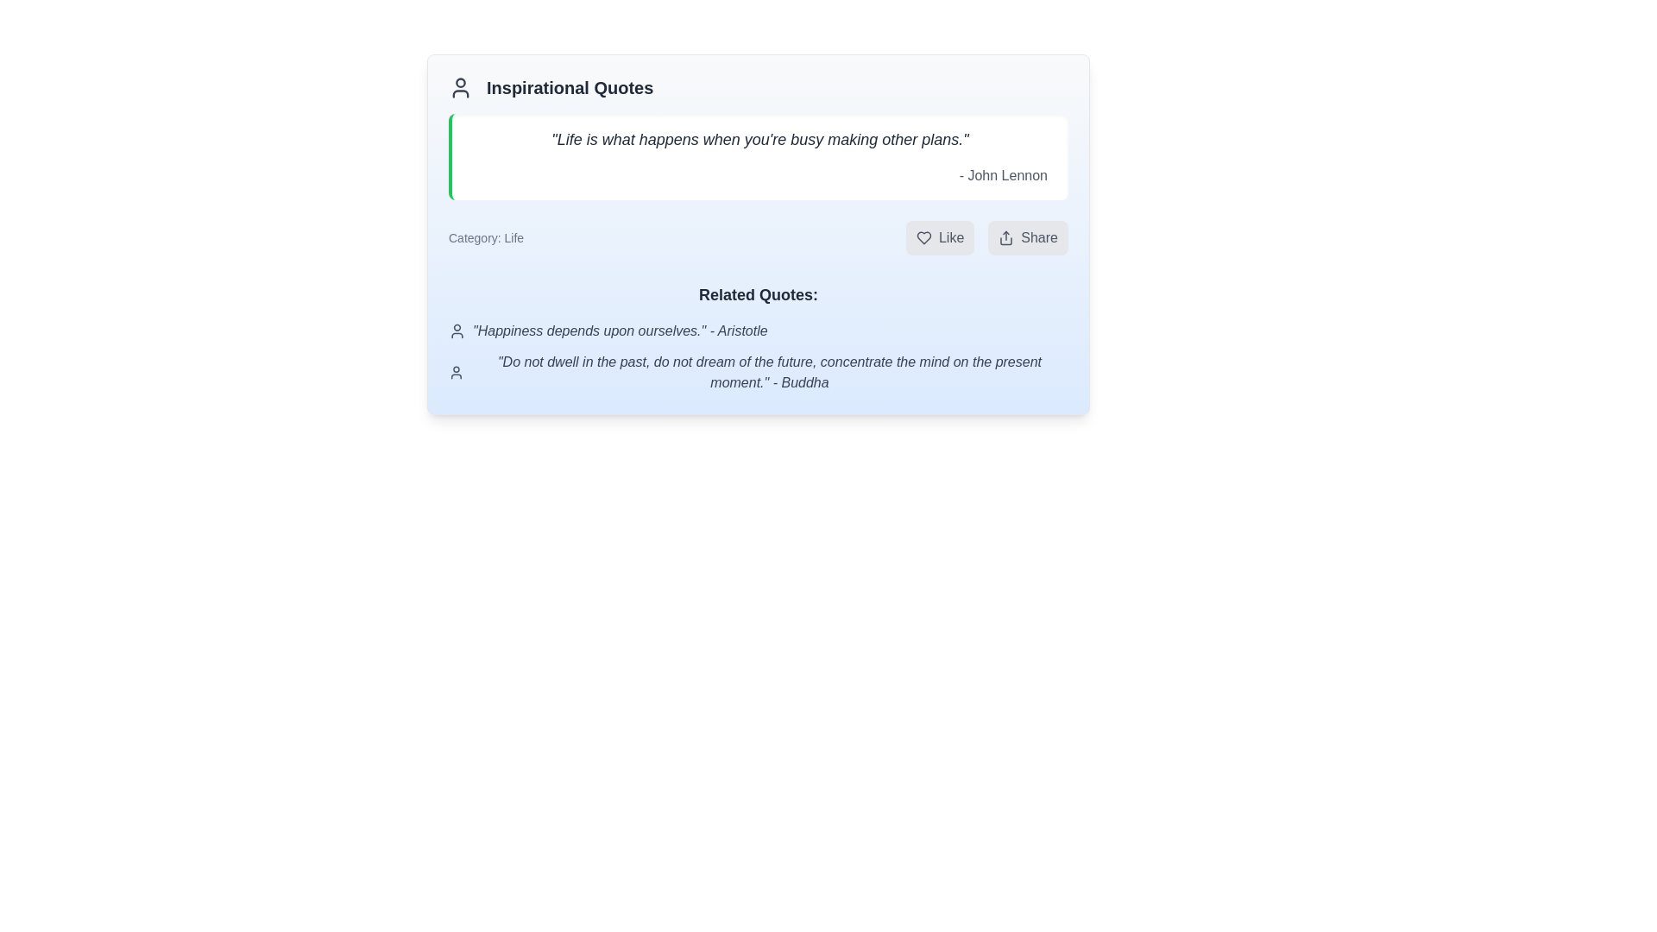  Describe the element at coordinates (939, 238) in the screenshot. I see `the 'Like' button, which is a rectangular button with rounded corners, gray background, a heart-shaped icon on the left, and the text 'Like' next to it, positioned below a quote and next to a 'Share' button` at that location.